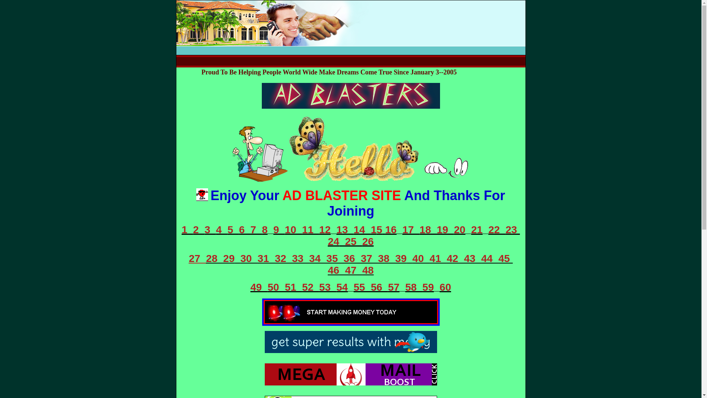 This screenshot has width=707, height=398. What do you see at coordinates (310, 229) in the screenshot?
I see `'11 '` at bounding box center [310, 229].